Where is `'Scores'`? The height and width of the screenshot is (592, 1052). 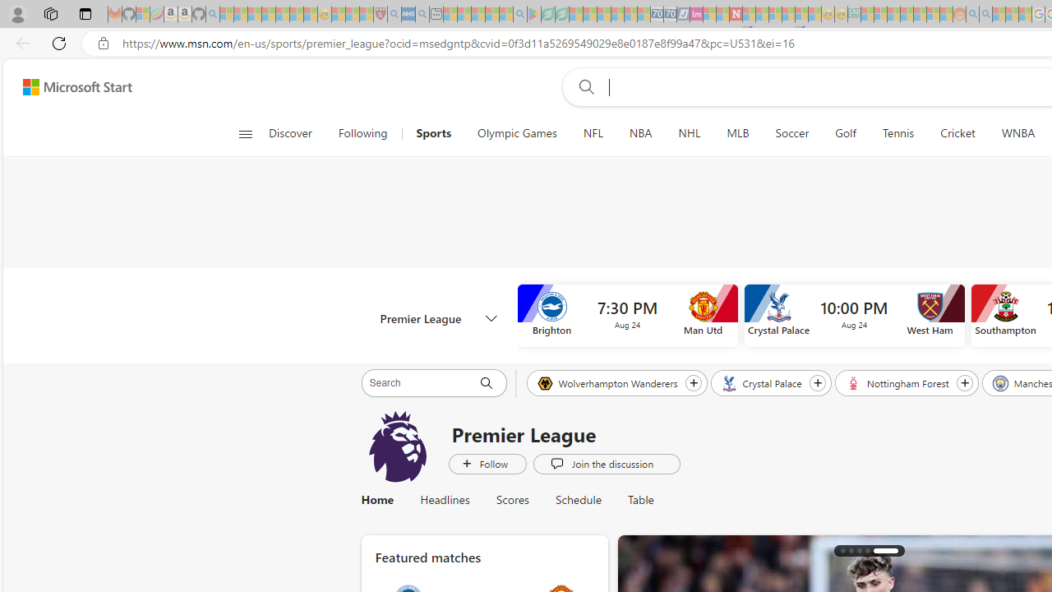
'Scores' is located at coordinates (512, 499).